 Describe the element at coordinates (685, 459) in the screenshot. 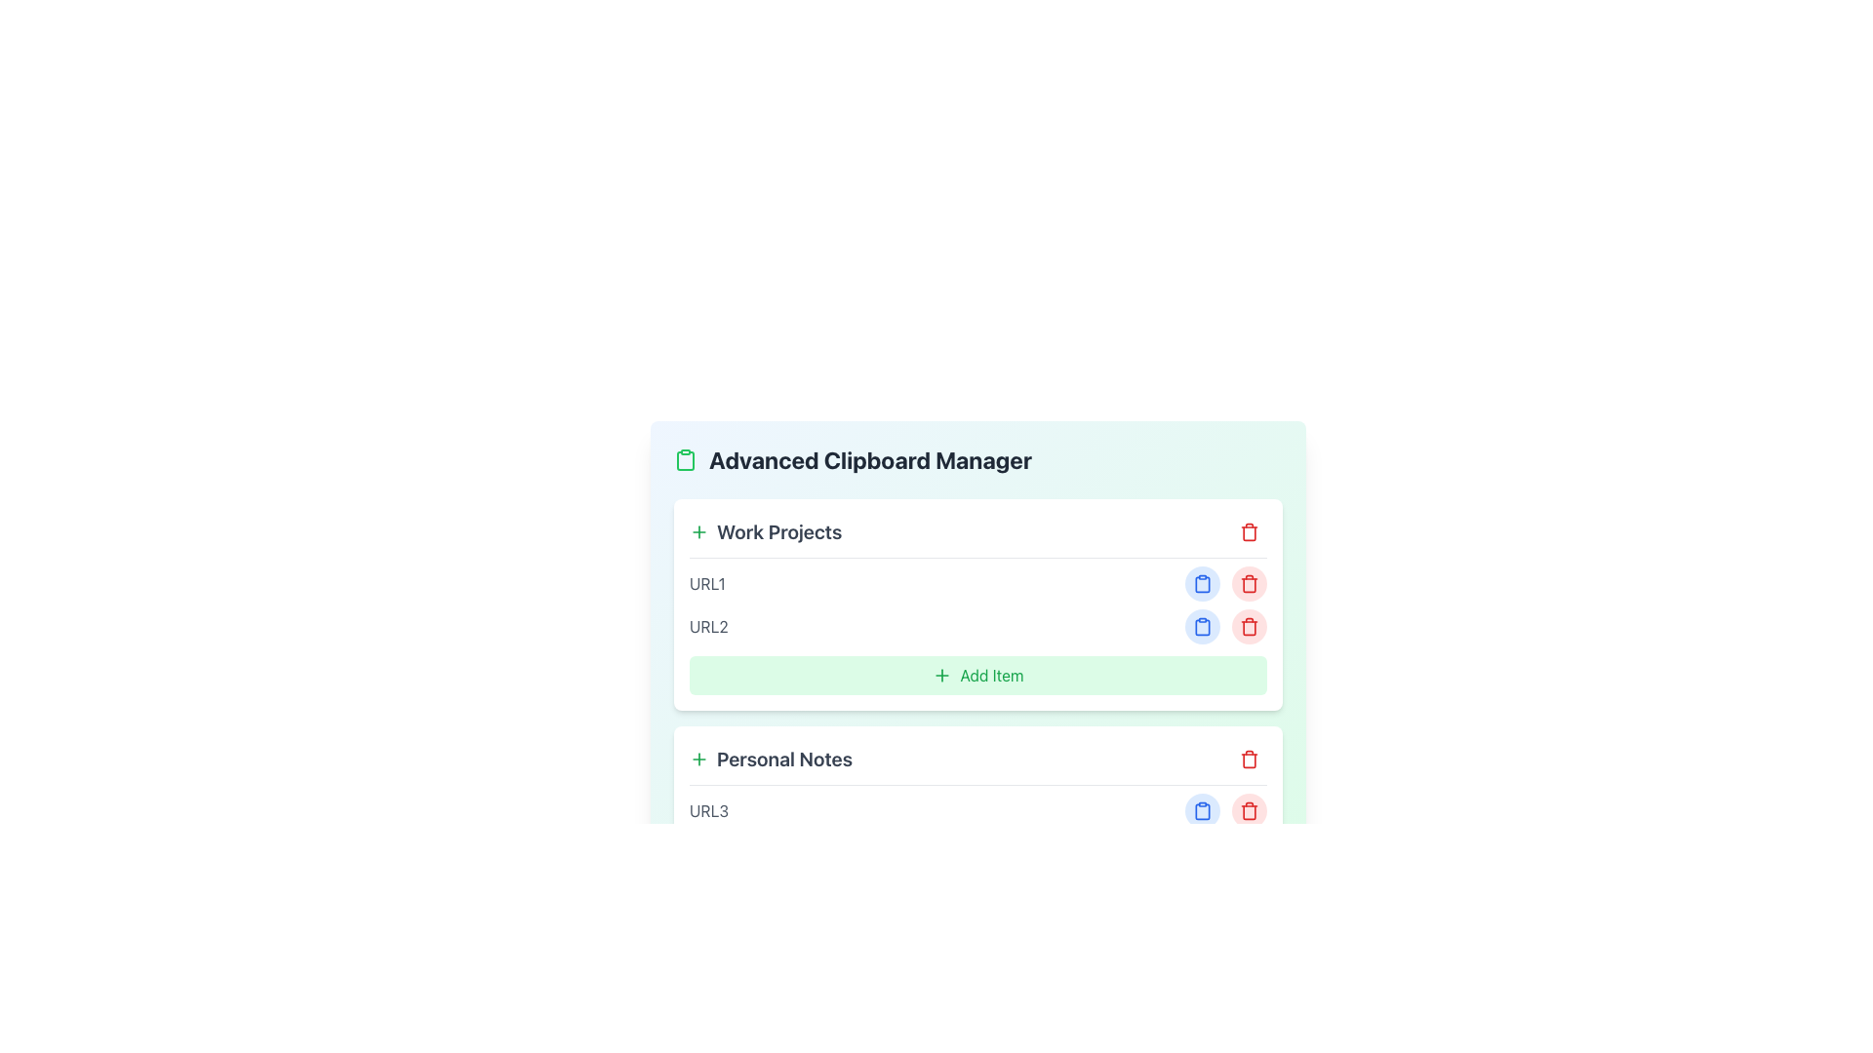

I see `the clipboard icon with a green outline located to the left of the text 'Advanced Clipboard Manager' in the header section` at that location.